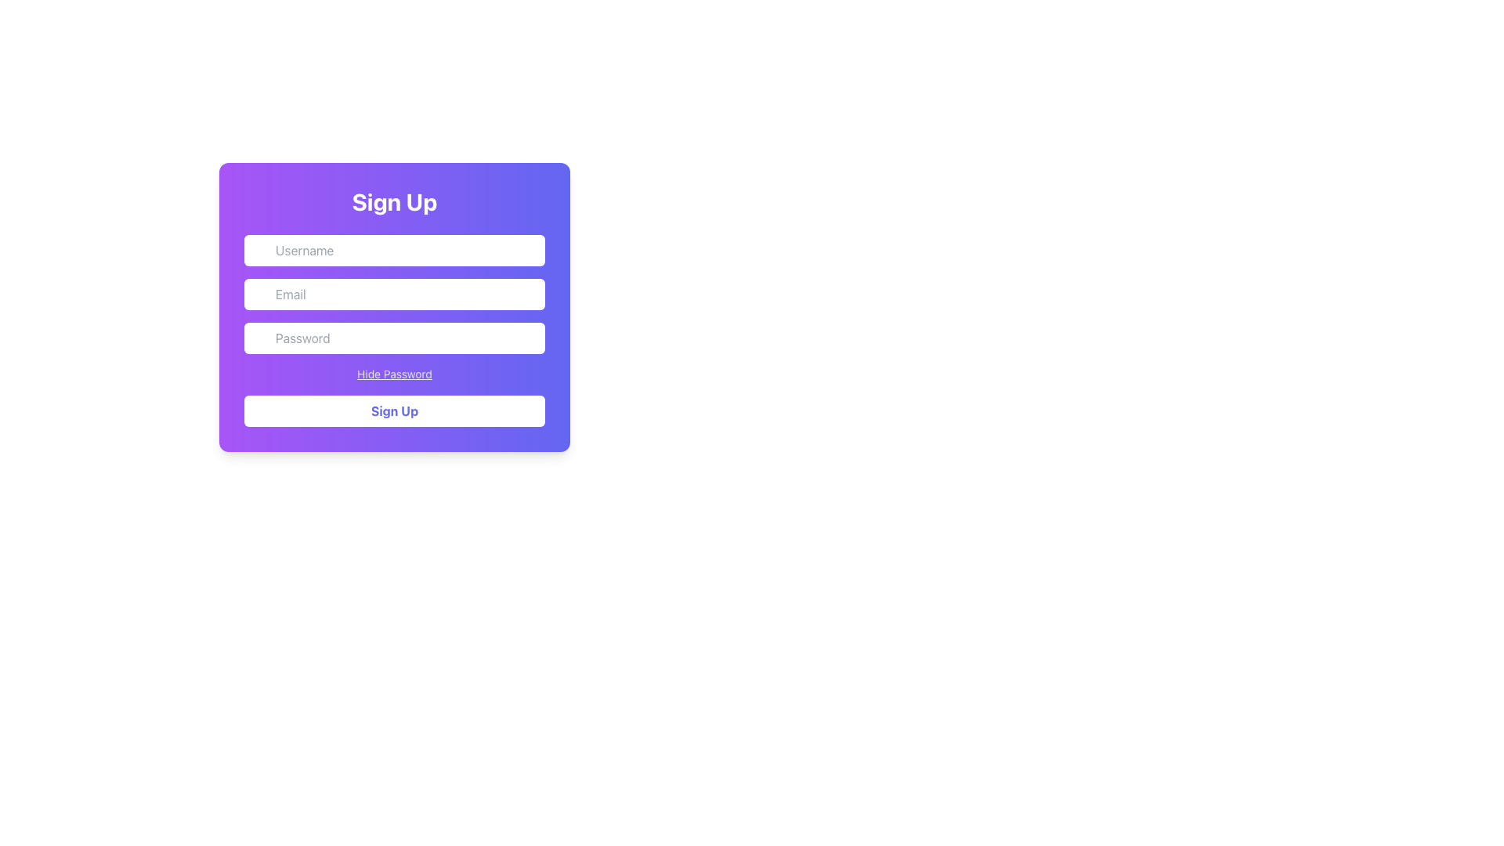 This screenshot has width=1504, height=846. What do you see at coordinates (395, 410) in the screenshot?
I see `the 'Sign Up' button, which is a rectangular button with rounded corners, a white background, and bold indigo text, to observe the style change` at bounding box center [395, 410].